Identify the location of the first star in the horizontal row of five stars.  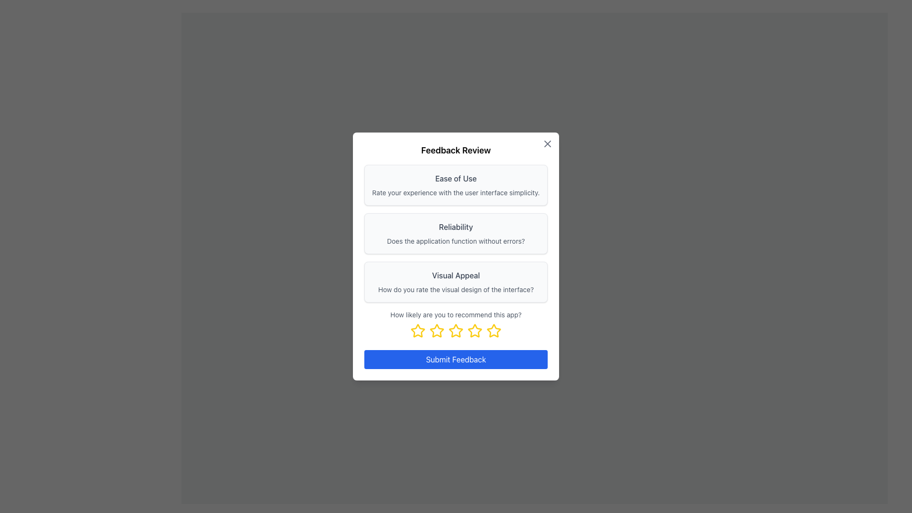
(418, 330).